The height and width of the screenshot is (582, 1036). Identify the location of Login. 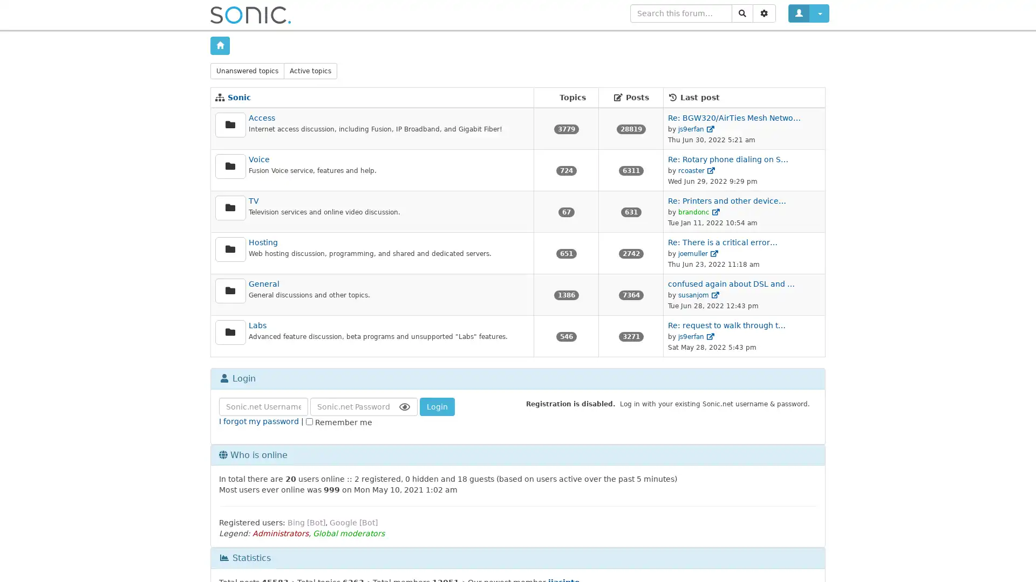
(437, 406).